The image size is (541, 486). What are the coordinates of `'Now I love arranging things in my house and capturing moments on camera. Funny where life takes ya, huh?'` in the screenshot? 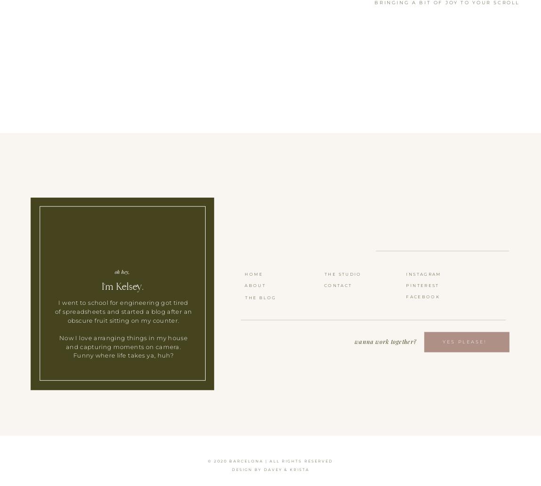 It's located at (122, 346).